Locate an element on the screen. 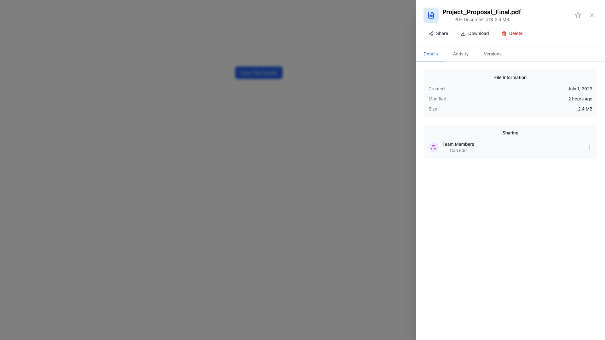  the text label displaying the file size '2.4 MB' in bold, dark gray font located in the 'File Information' section of the details panel is located at coordinates (585, 109).